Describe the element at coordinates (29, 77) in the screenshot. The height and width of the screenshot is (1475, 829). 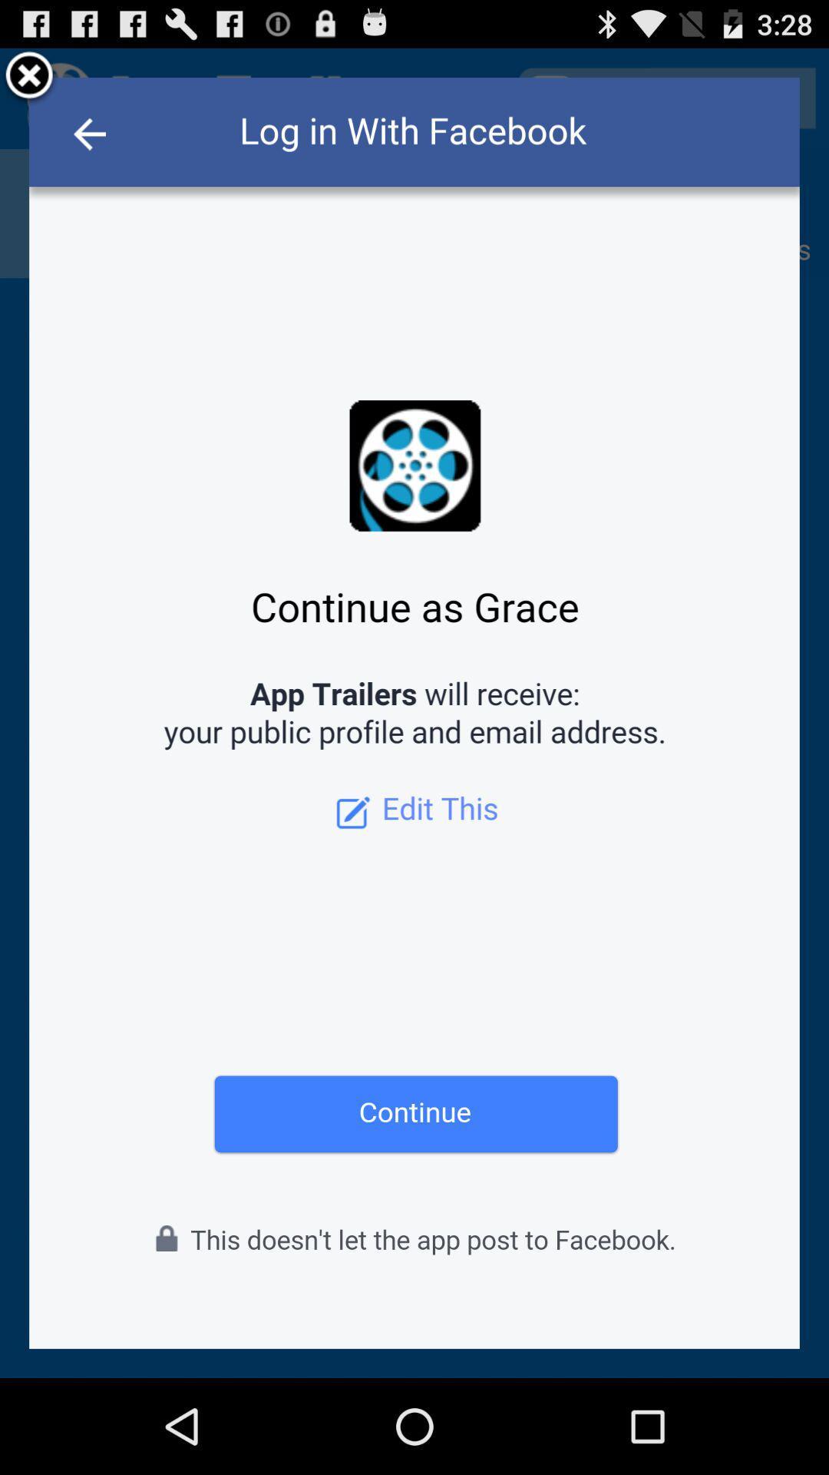
I see `close tab` at that location.